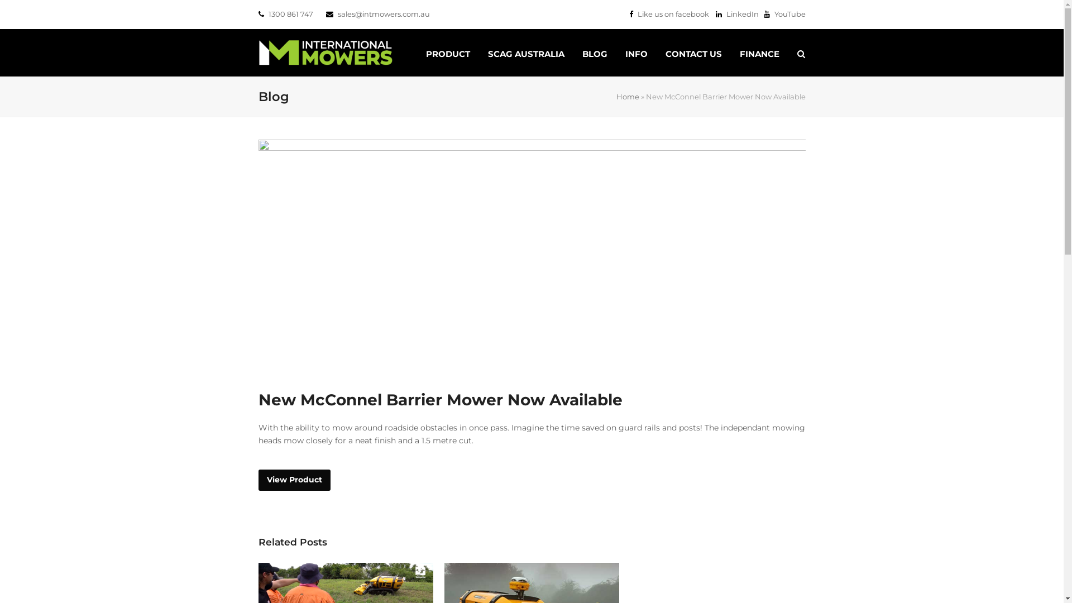  Describe the element at coordinates (693, 52) in the screenshot. I see `'CONTACT US'` at that location.